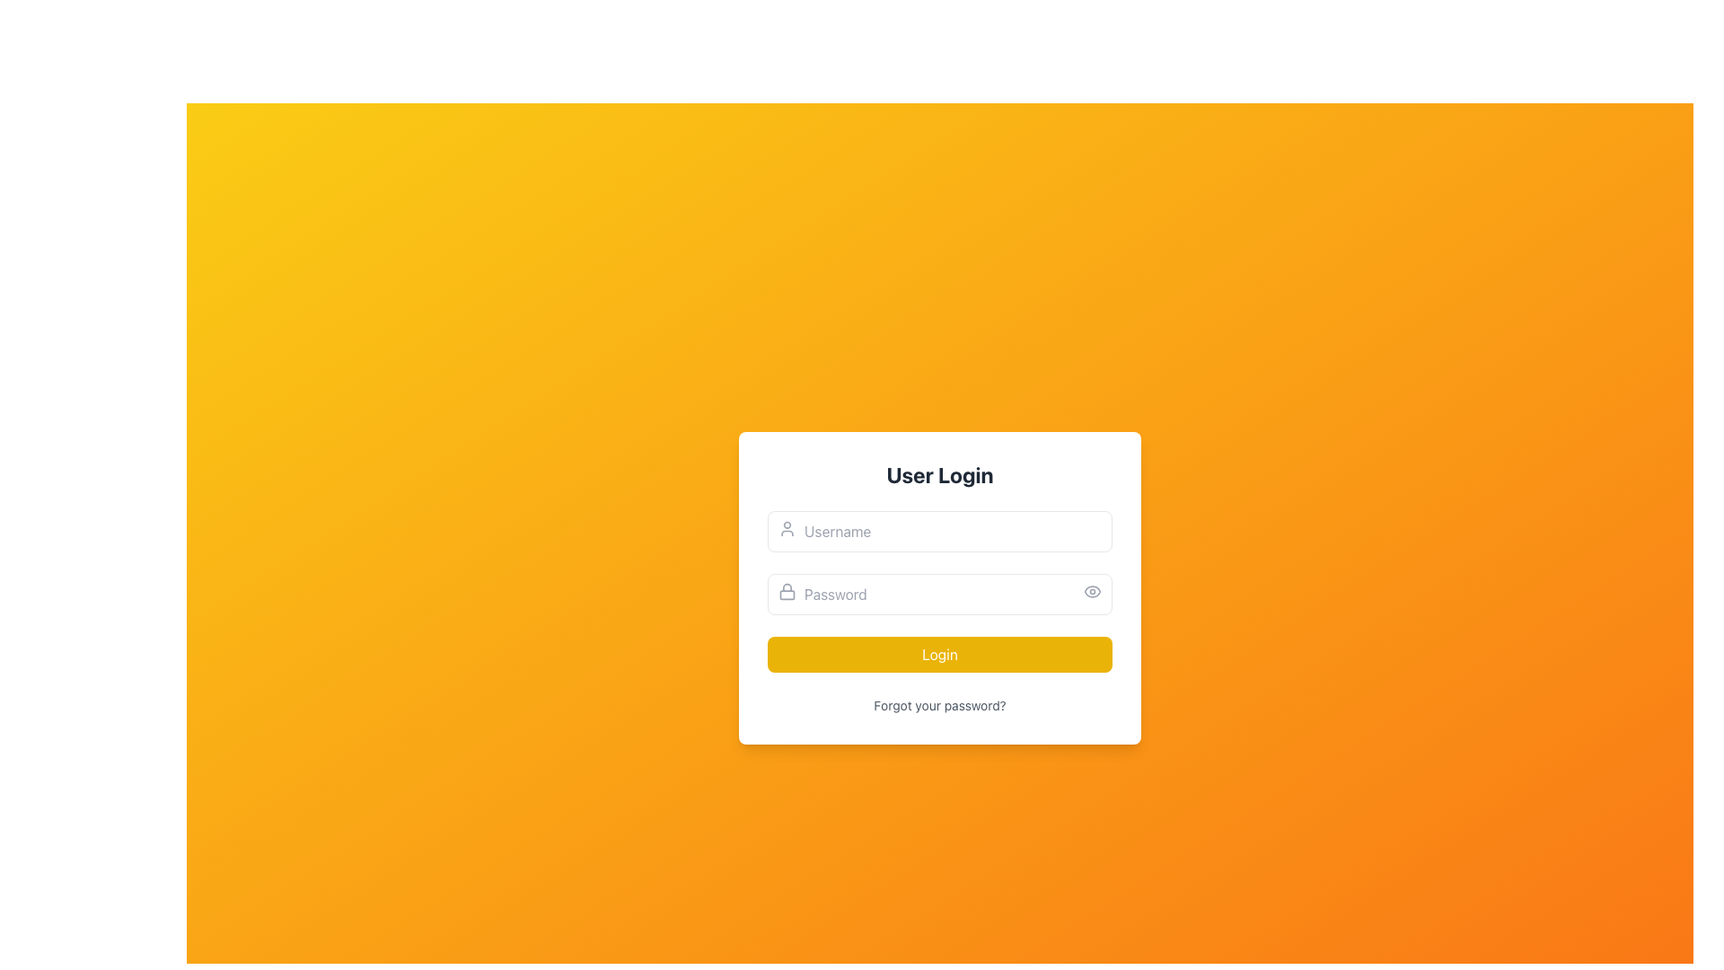 This screenshot has height=970, width=1724. Describe the element at coordinates (938, 612) in the screenshot. I see `the password visibility toggle located in the User Login form element` at that location.